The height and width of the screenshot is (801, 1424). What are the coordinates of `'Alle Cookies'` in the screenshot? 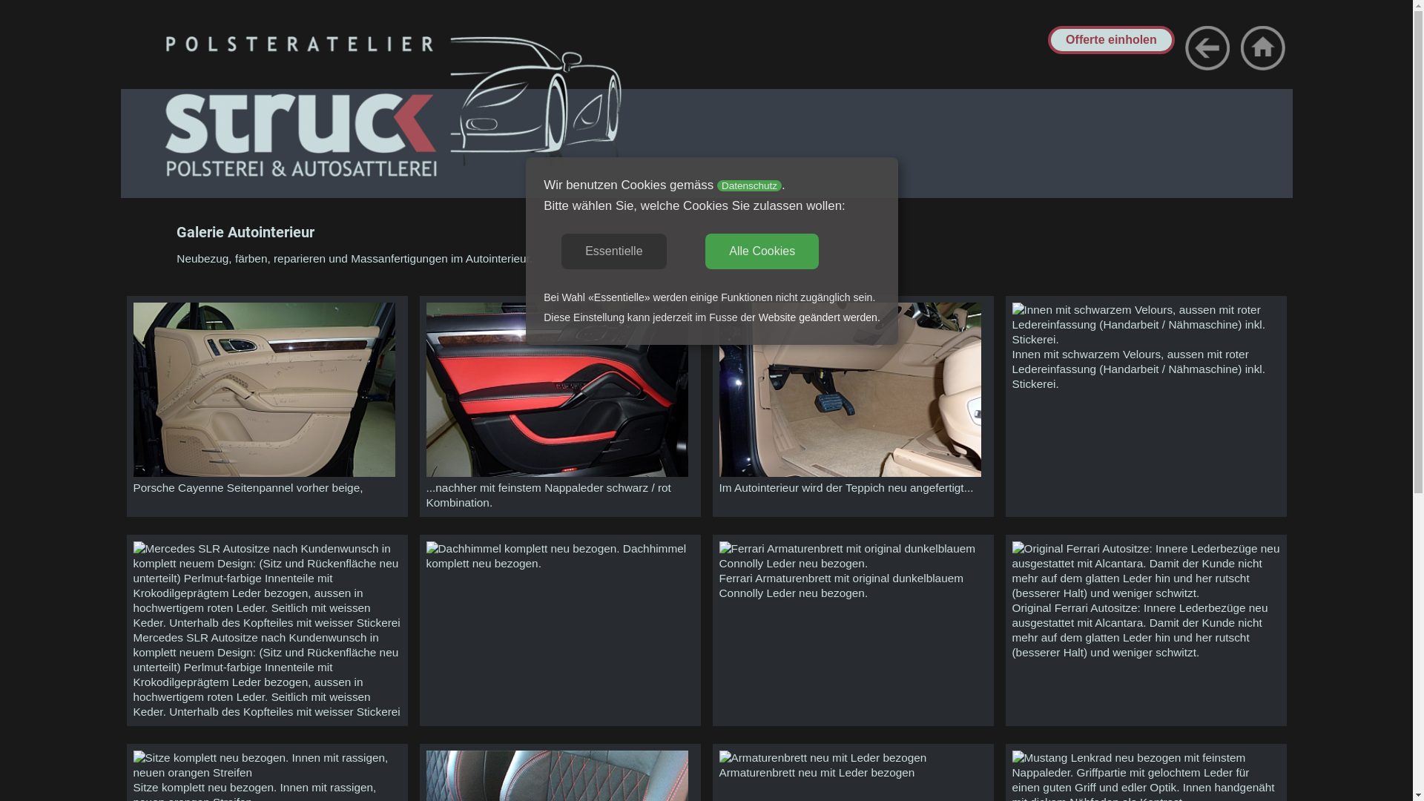 It's located at (762, 251).